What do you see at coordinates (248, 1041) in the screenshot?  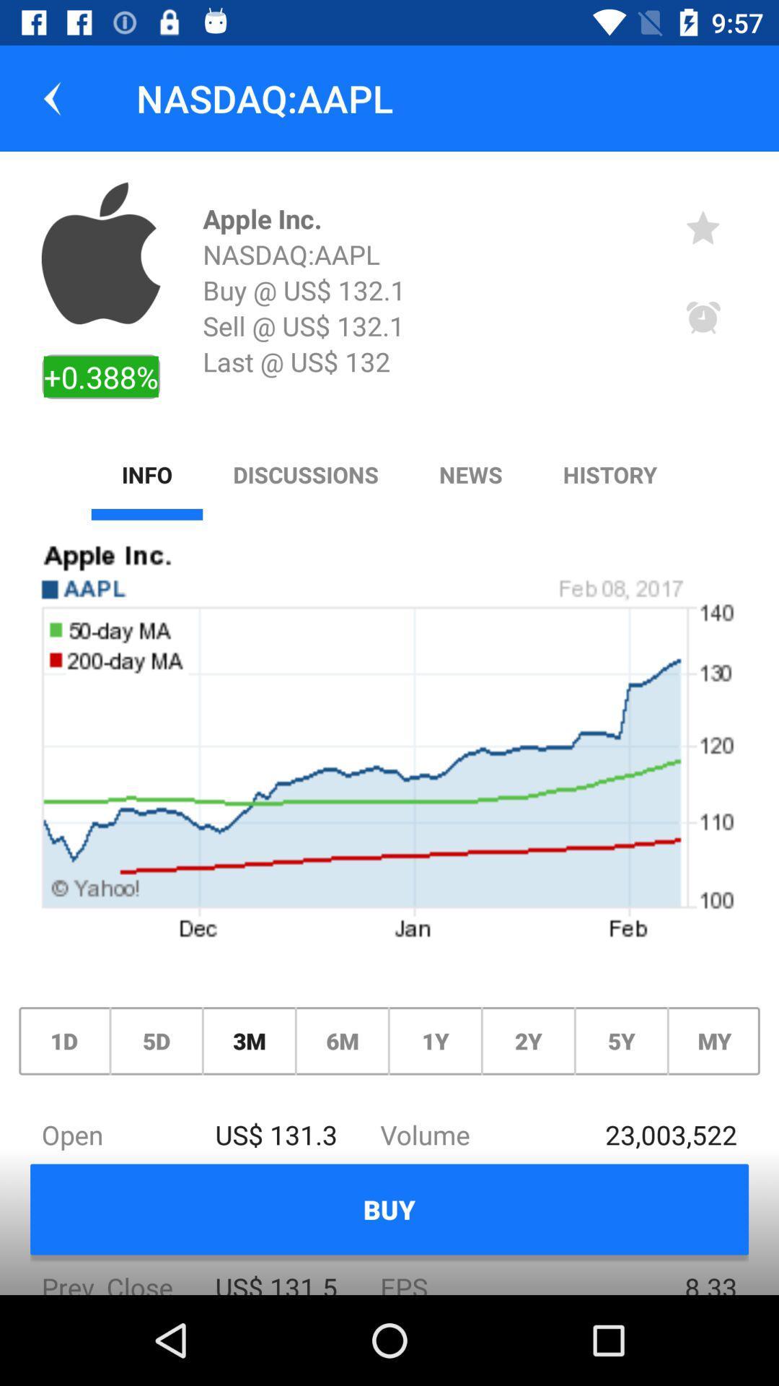 I see `item above open icon` at bounding box center [248, 1041].